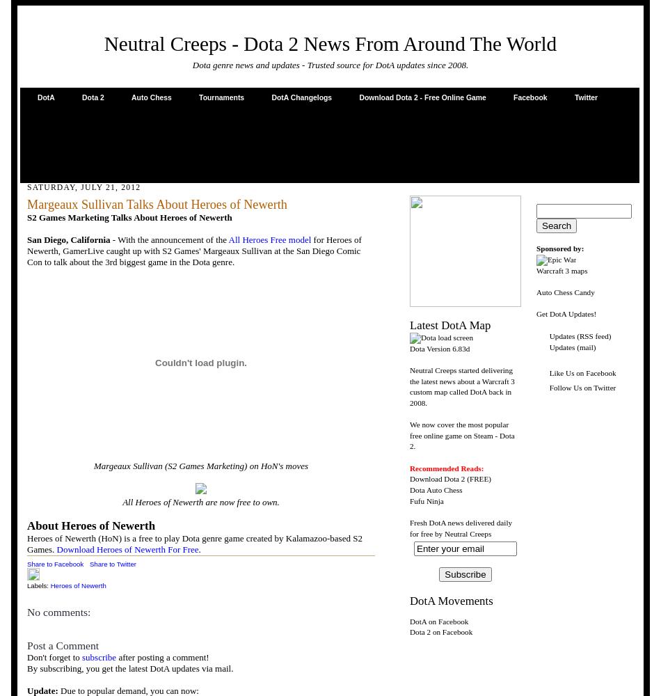  What do you see at coordinates (54, 656) in the screenshot?
I see `'Don't forget to'` at bounding box center [54, 656].